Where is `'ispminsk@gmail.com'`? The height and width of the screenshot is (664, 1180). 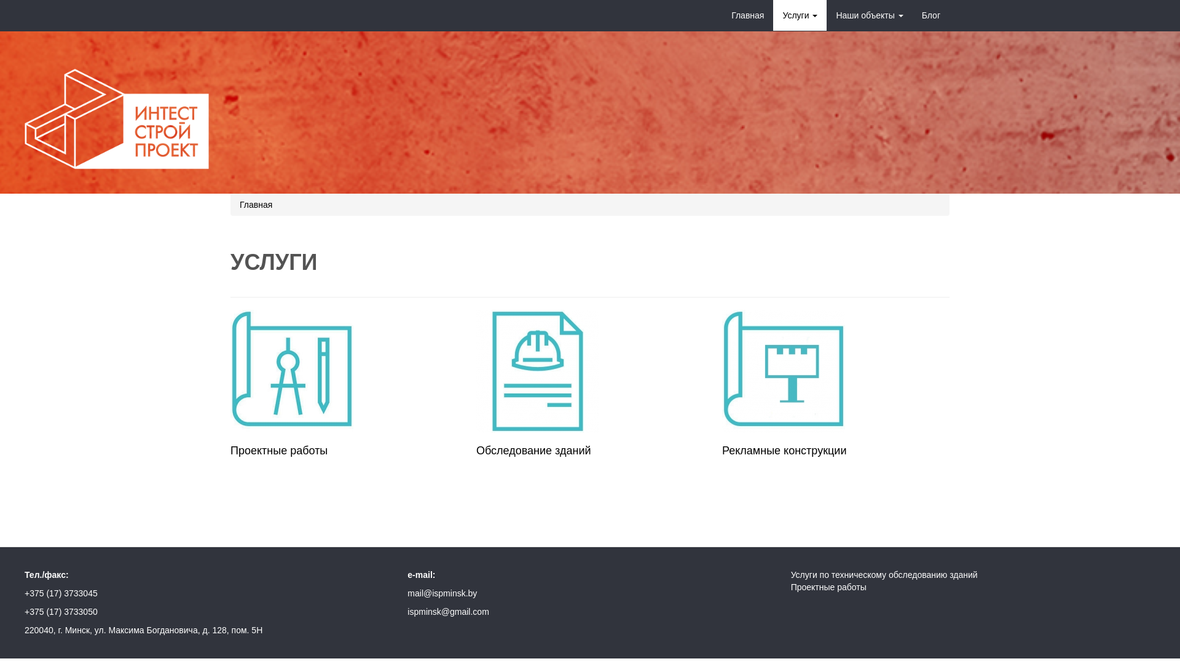 'ispminsk@gmail.com' is located at coordinates (447, 612).